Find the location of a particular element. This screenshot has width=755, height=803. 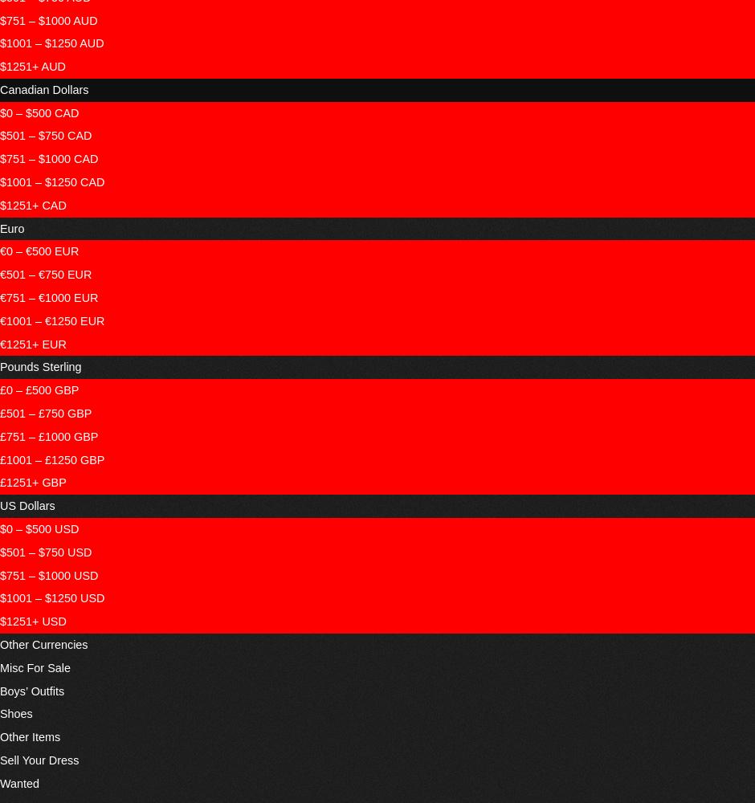

'$1001 – $1250 CAD' is located at coordinates (0, 181).